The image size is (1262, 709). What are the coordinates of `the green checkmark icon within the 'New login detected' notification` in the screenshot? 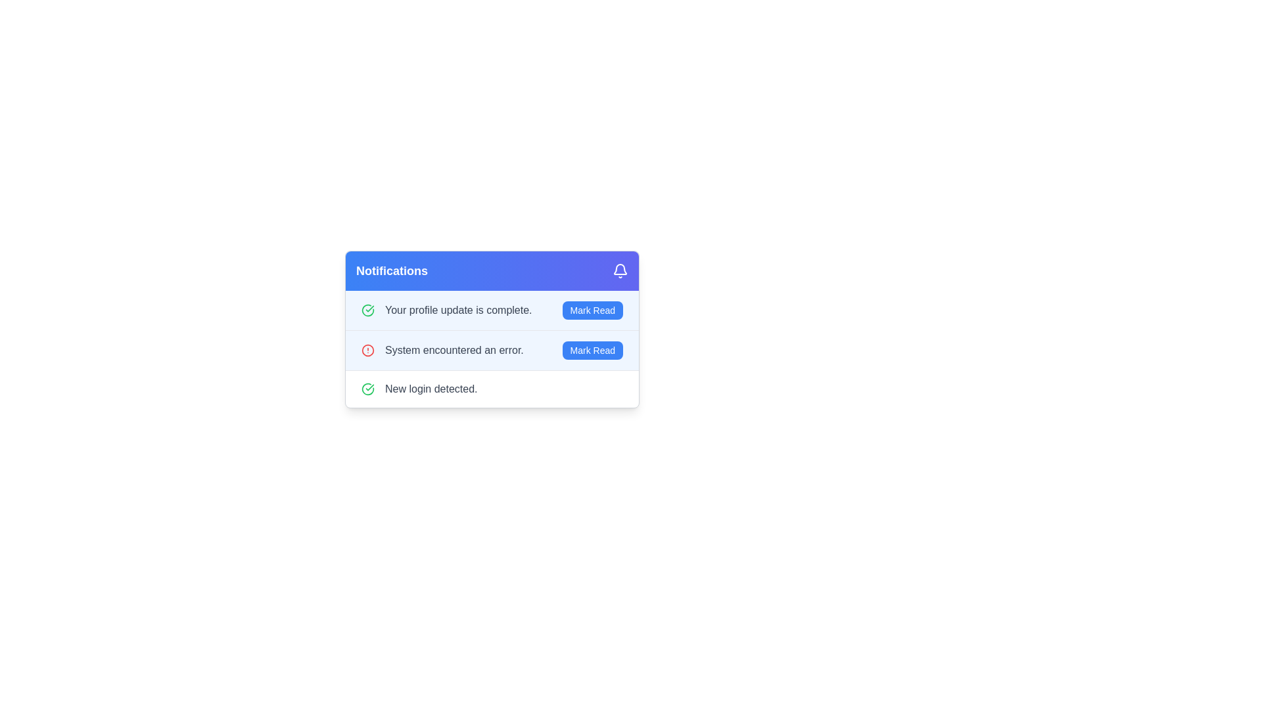 It's located at (368, 389).